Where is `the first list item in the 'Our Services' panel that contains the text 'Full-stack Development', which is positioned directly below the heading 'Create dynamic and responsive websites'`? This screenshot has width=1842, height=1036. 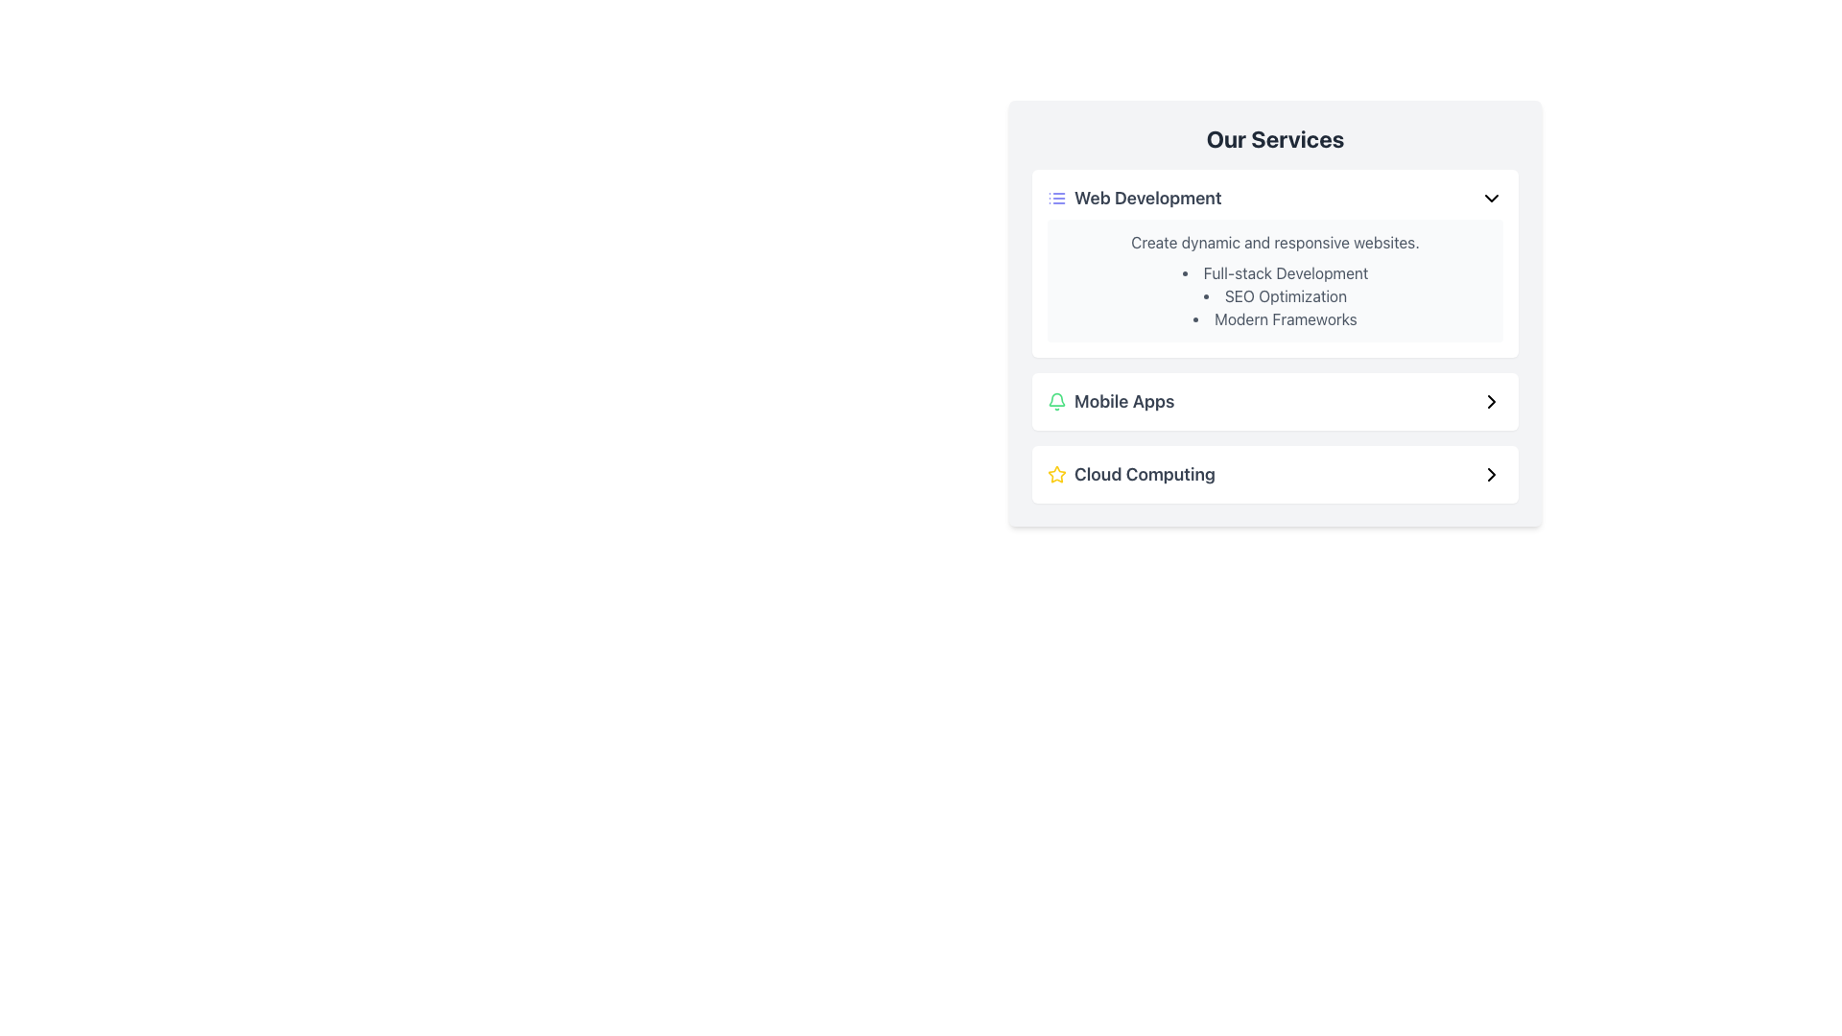 the first list item in the 'Our Services' panel that contains the text 'Full-stack Development', which is positioned directly below the heading 'Create dynamic and responsive websites' is located at coordinates (1275, 273).